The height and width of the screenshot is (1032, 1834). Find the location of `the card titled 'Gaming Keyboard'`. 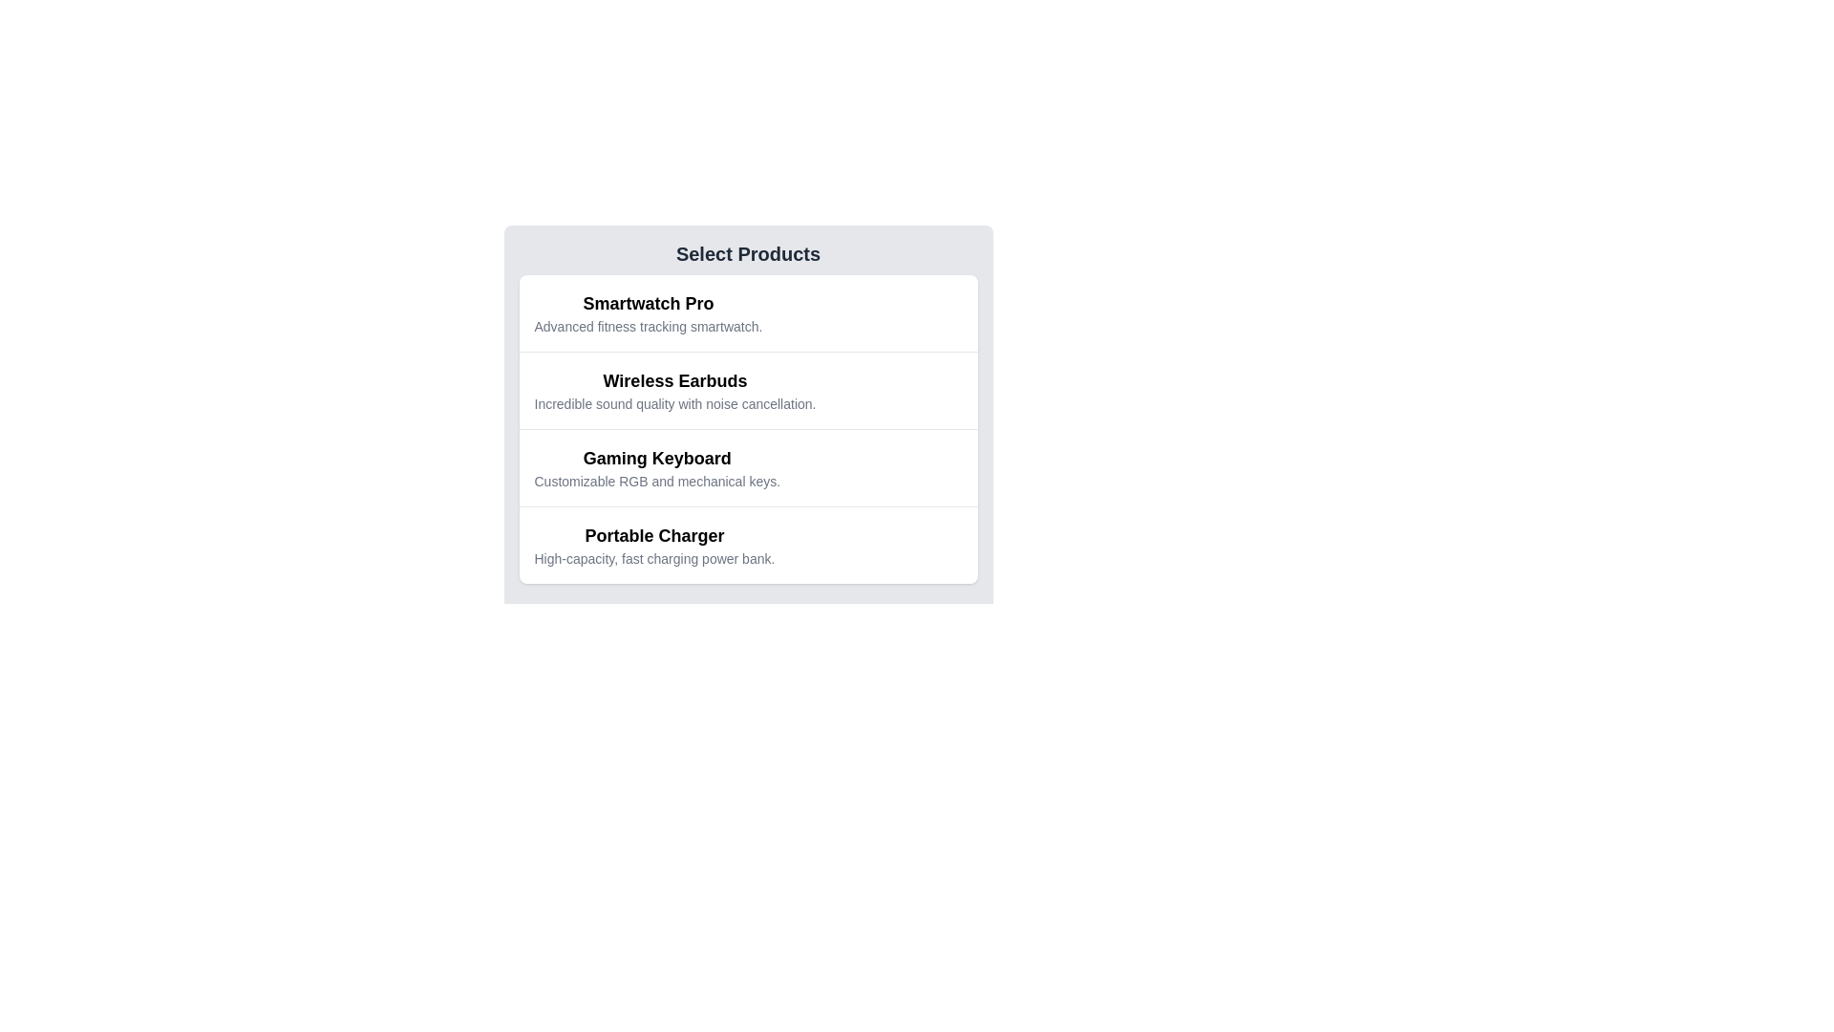

the card titled 'Gaming Keyboard' is located at coordinates (747, 468).